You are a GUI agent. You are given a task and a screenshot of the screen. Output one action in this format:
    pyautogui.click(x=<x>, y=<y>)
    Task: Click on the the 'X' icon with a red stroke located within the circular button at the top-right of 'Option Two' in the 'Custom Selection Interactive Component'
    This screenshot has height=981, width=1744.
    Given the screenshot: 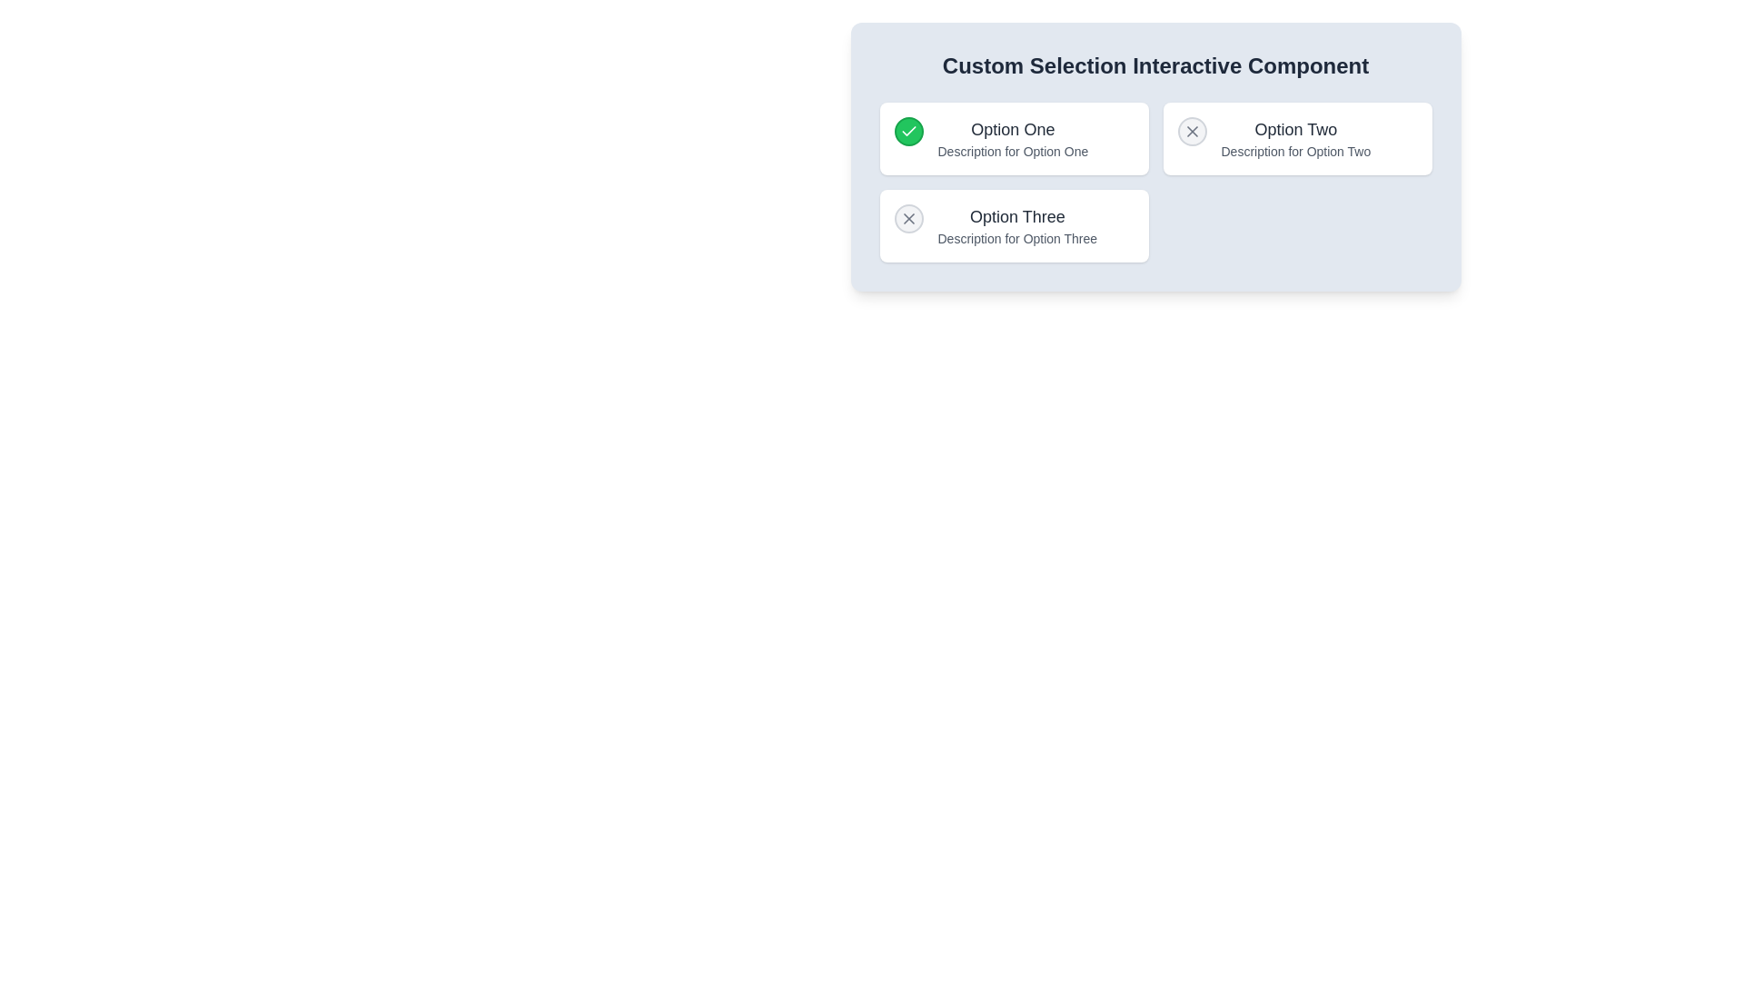 What is the action you would take?
    pyautogui.click(x=1192, y=131)
    